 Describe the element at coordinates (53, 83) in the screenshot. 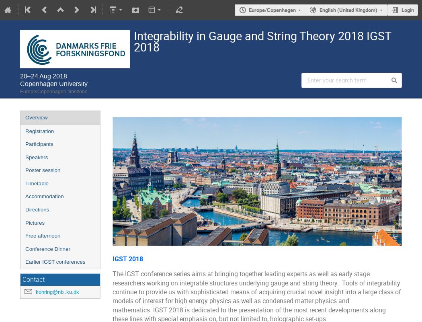

I see `'Copenhagen University'` at that location.